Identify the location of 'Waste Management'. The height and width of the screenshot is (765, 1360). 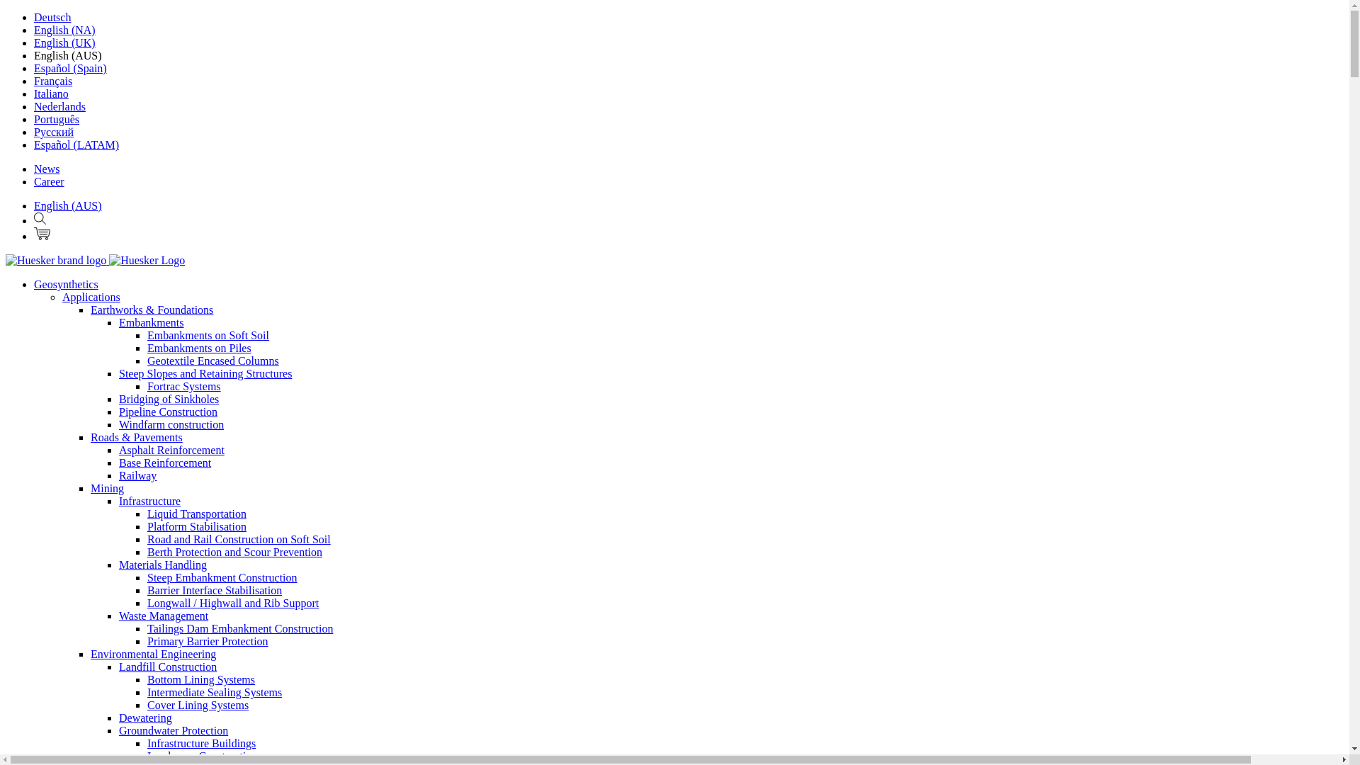
(119, 615).